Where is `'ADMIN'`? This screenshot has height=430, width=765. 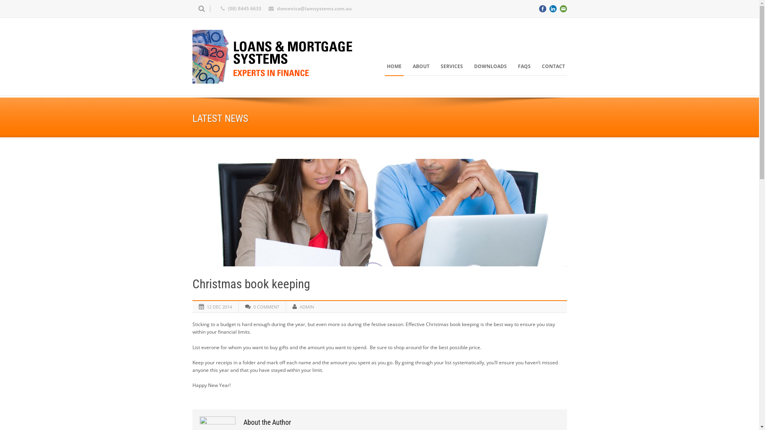
'ADMIN' is located at coordinates (299, 306).